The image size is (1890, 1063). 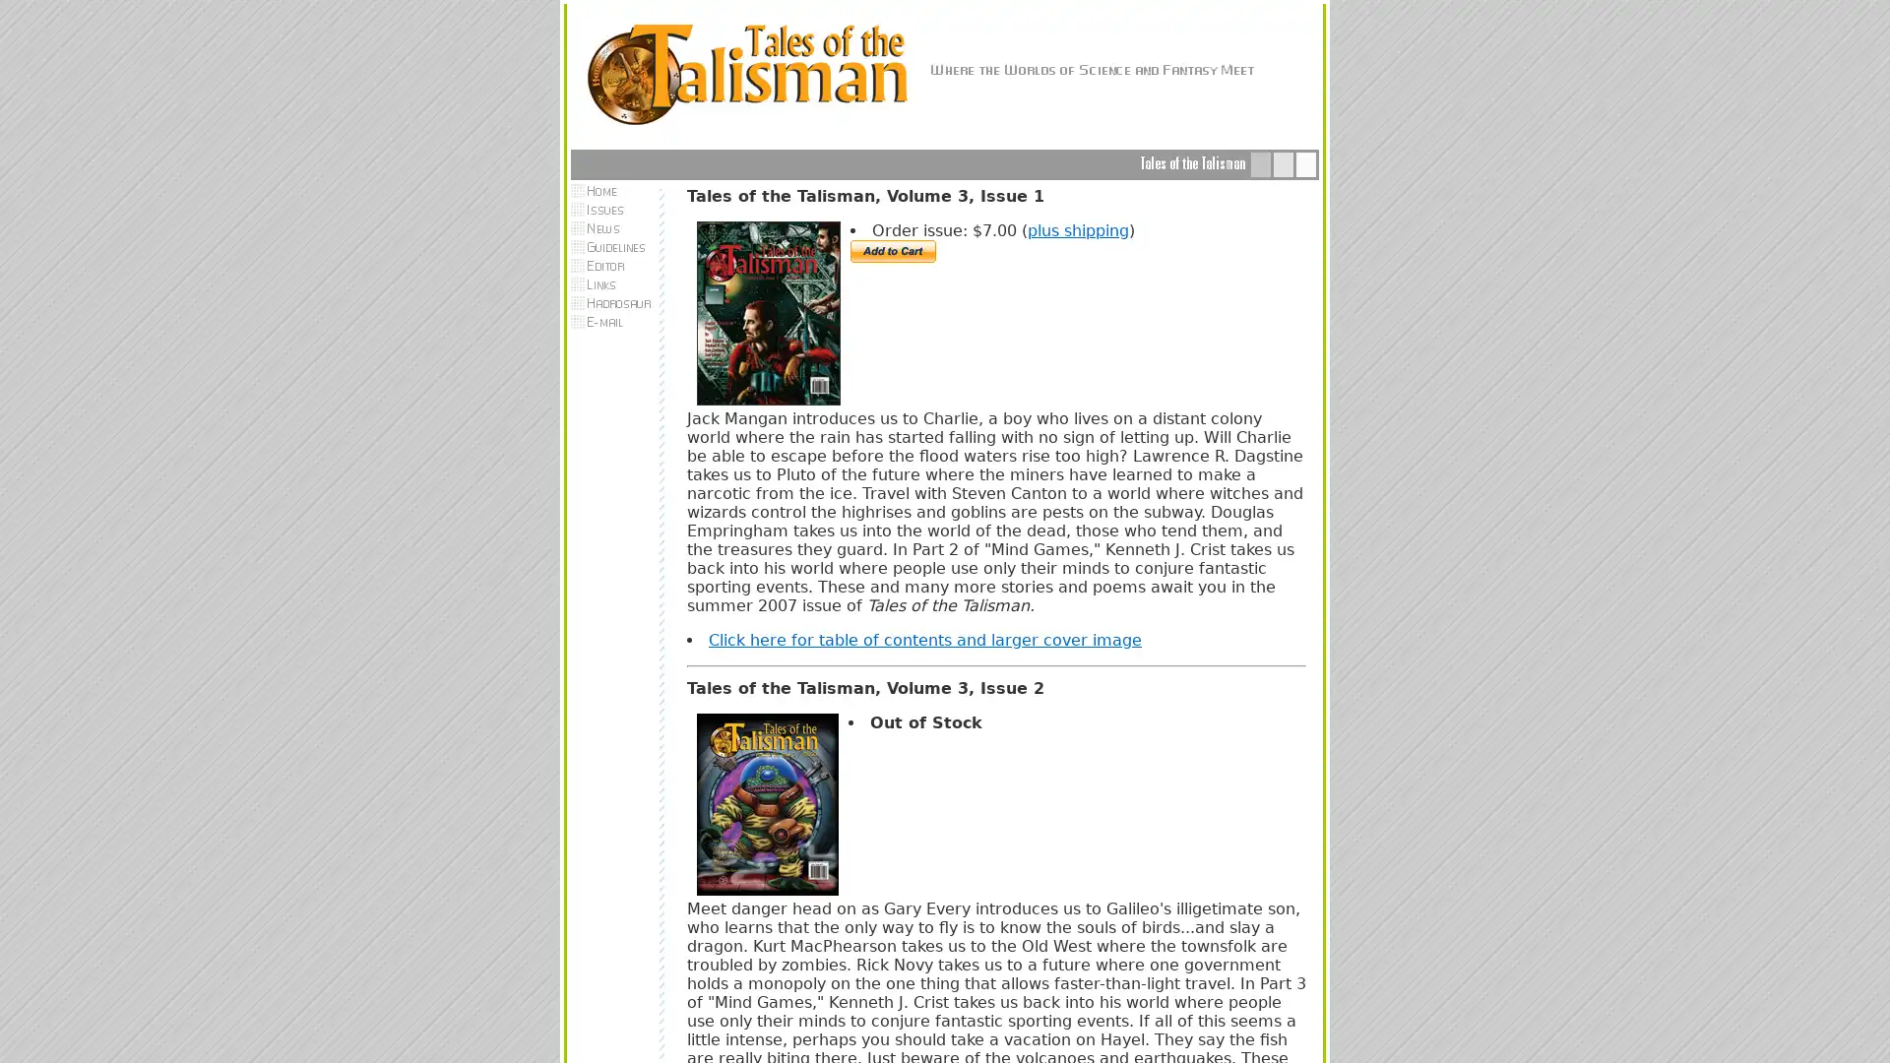 I want to click on Make payments with PayPal - it's fast, free and secure!, so click(x=892, y=250).